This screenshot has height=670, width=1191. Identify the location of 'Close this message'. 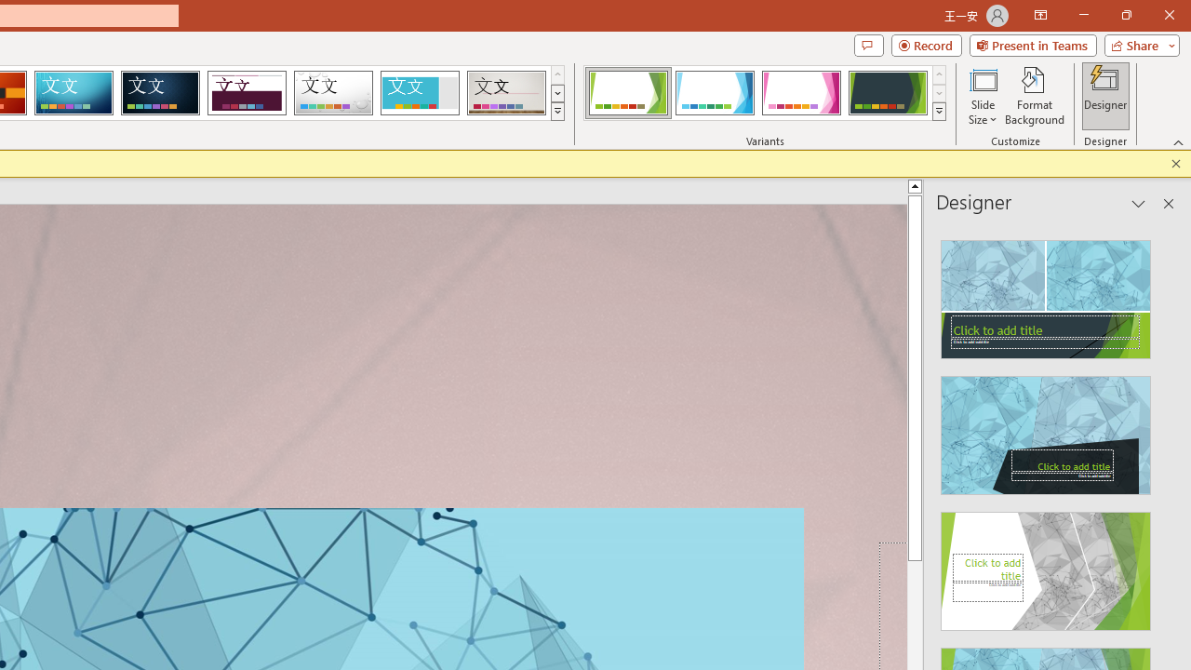
(1175, 163).